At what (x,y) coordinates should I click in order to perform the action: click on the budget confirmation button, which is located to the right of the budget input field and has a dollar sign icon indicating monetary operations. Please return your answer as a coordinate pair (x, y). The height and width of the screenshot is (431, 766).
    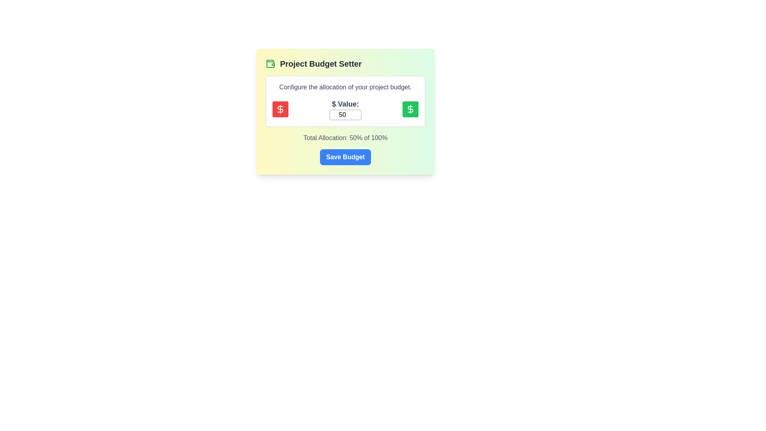
    Looking at the image, I should click on (410, 109).